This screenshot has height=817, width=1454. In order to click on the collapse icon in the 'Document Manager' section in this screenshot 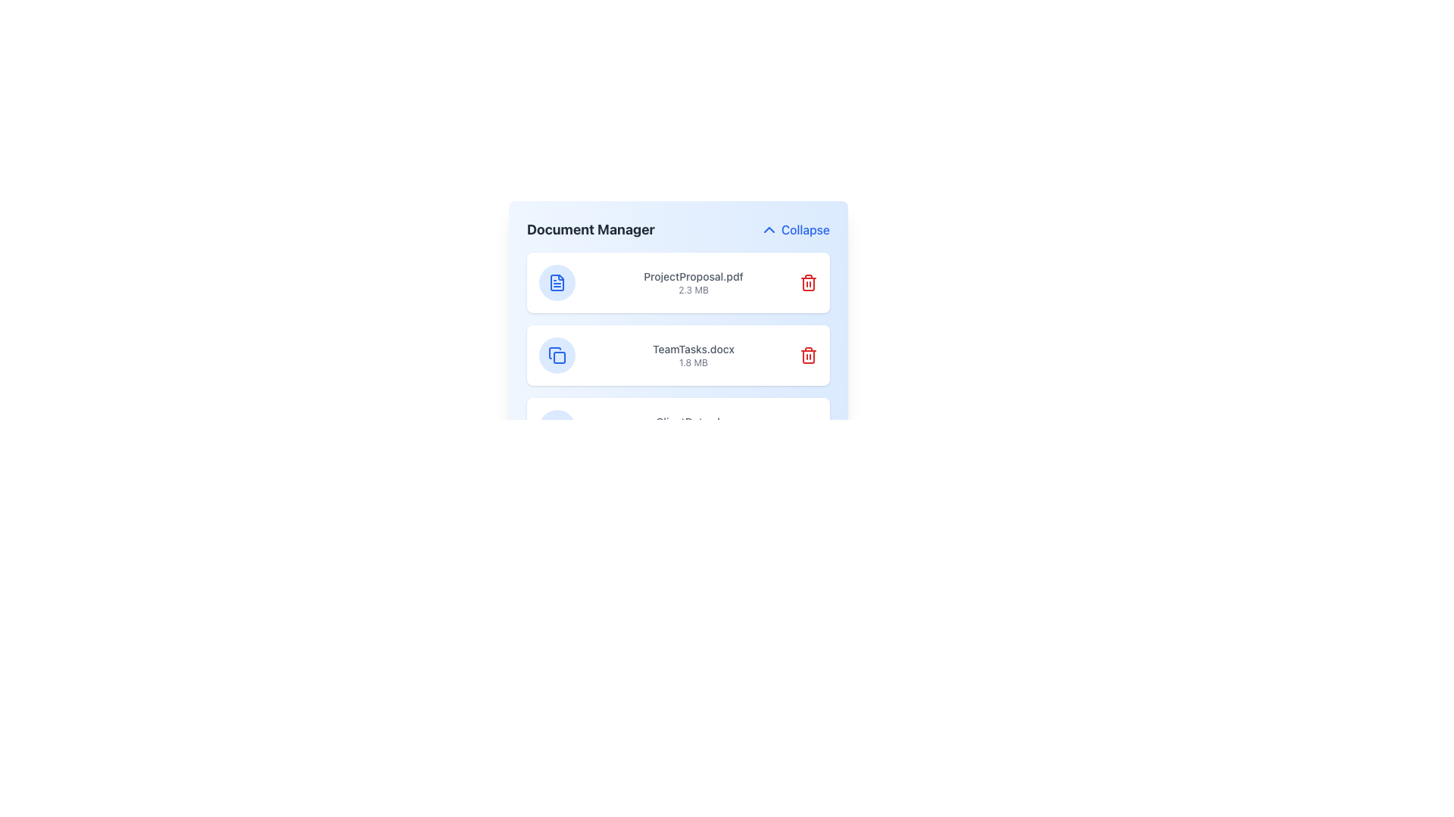, I will do `click(769, 230)`.